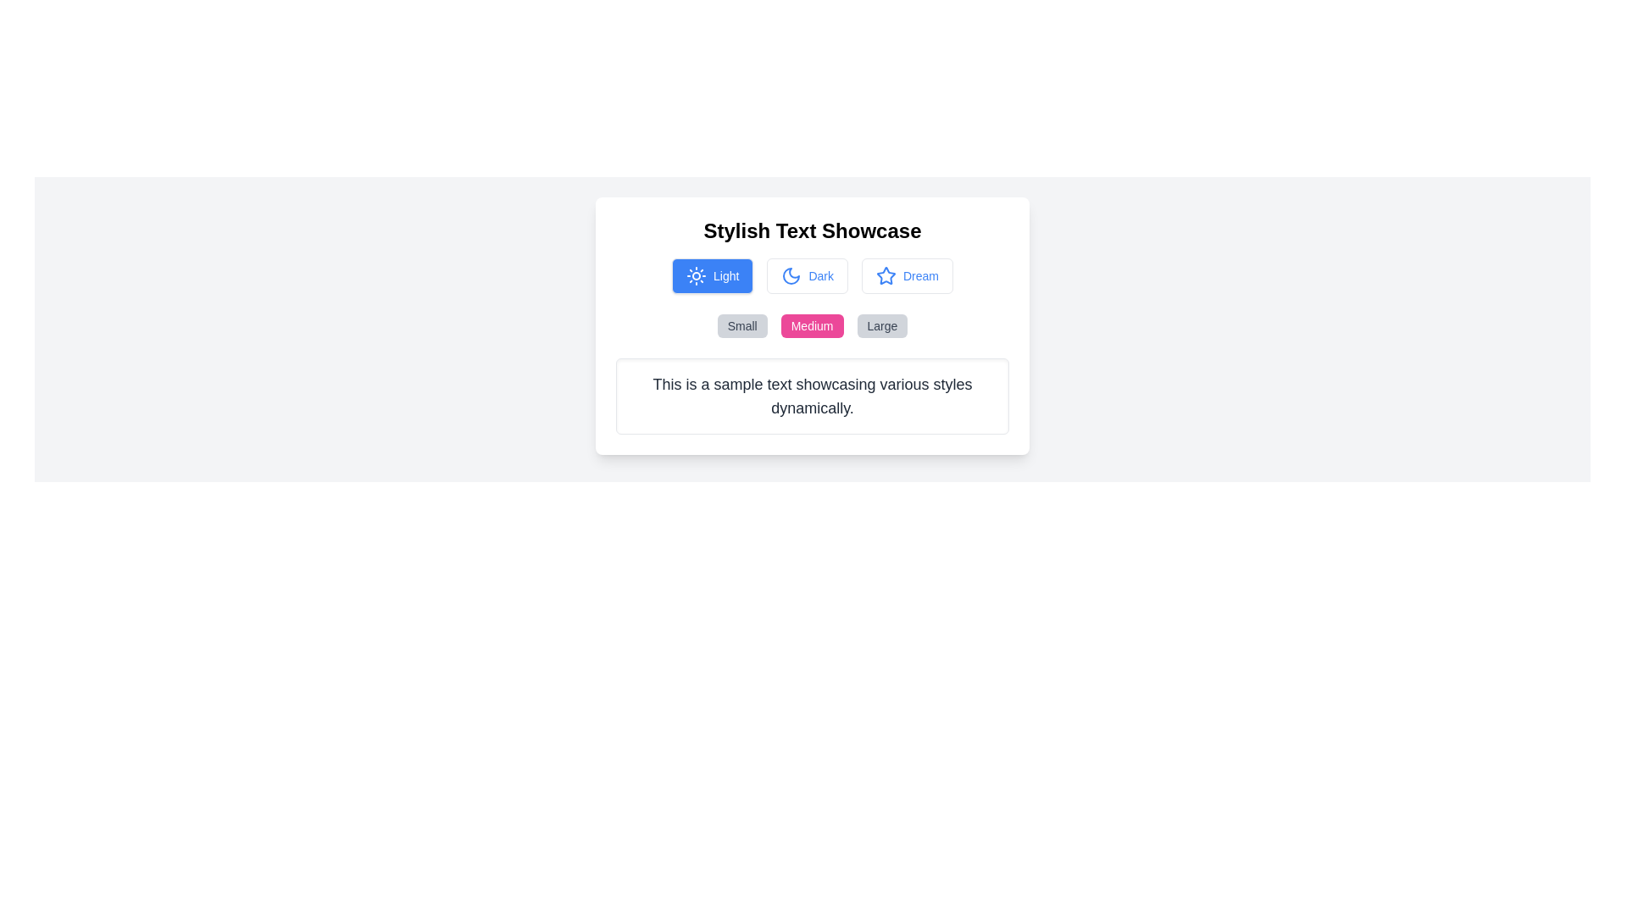 The image size is (1627, 915). What do you see at coordinates (886, 274) in the screenshot?
I see `the 'Dream' theme selection icon button, which is the third icon in a row of three at the top of the 'Stylish Text Showcase' card` at bounding box center [886, 274].